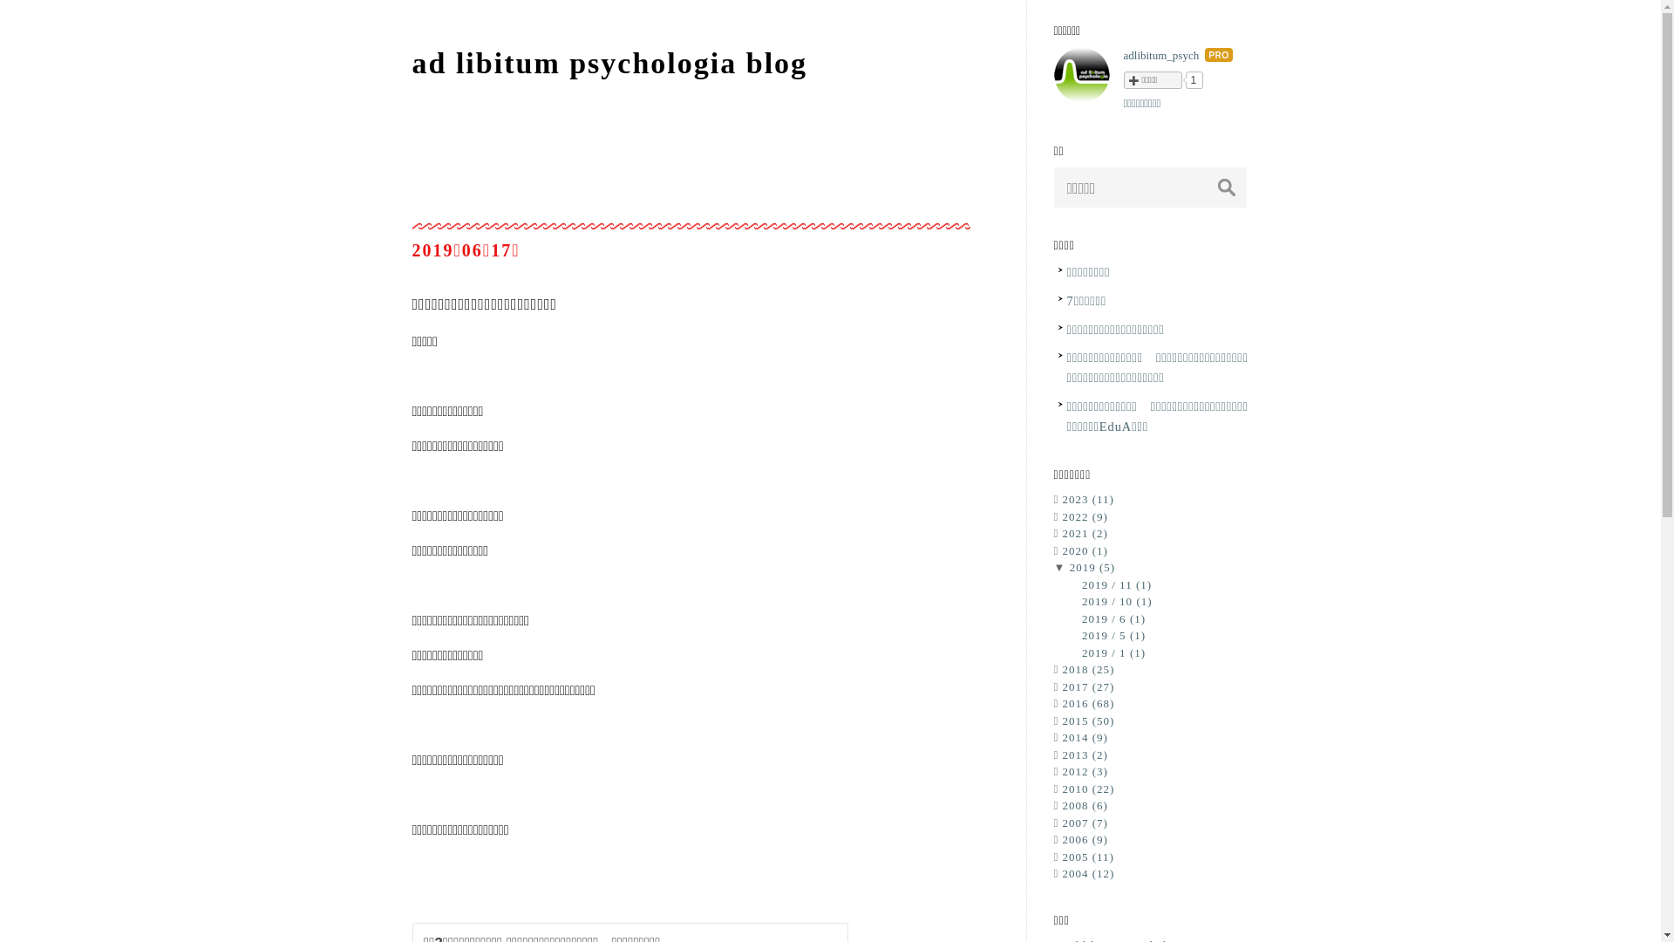 This screenshot has height=942, width=1674. What do you see at coordinates (1083, 515) in the screenshot?
I see `'2022 (9)'` at bounding box center [1083, 515].